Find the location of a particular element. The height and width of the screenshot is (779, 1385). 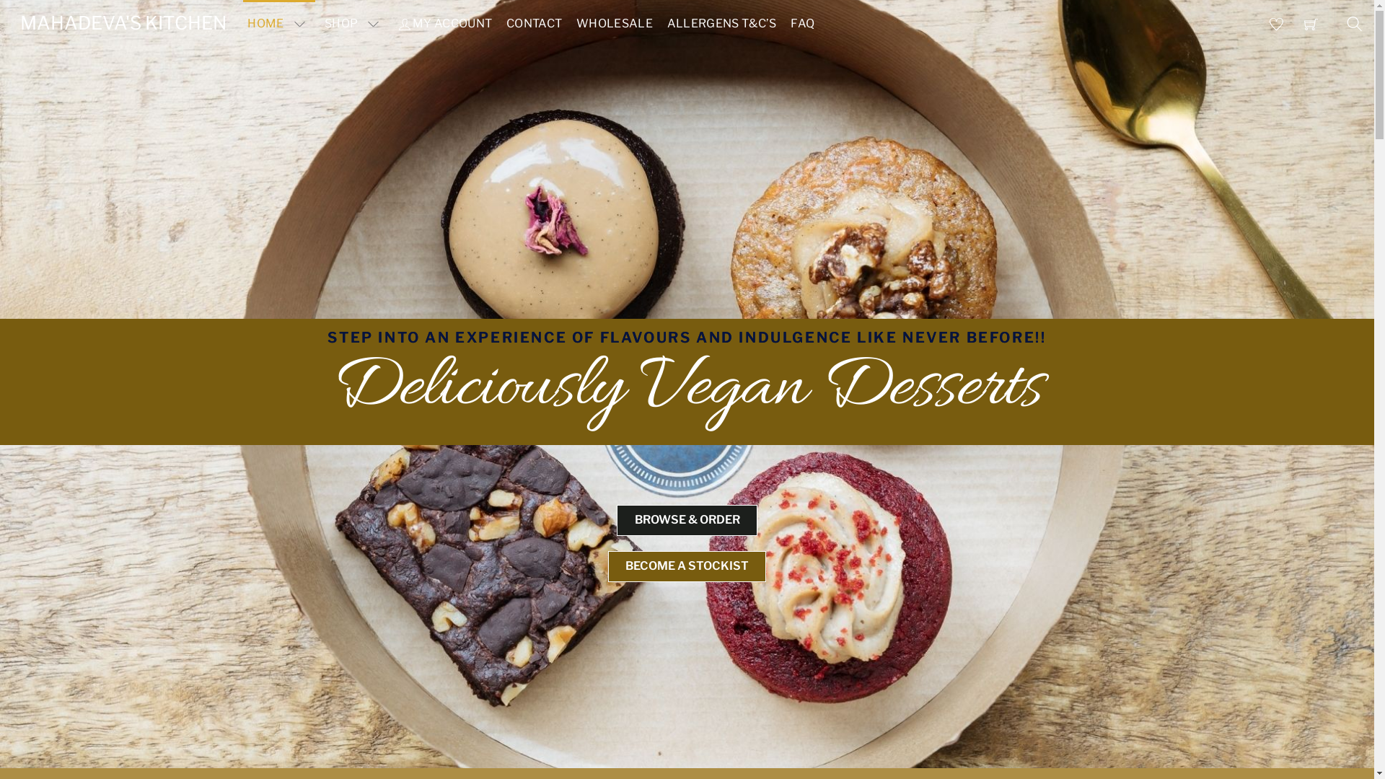

'CONTACT' is located at coordinates (533, 24).